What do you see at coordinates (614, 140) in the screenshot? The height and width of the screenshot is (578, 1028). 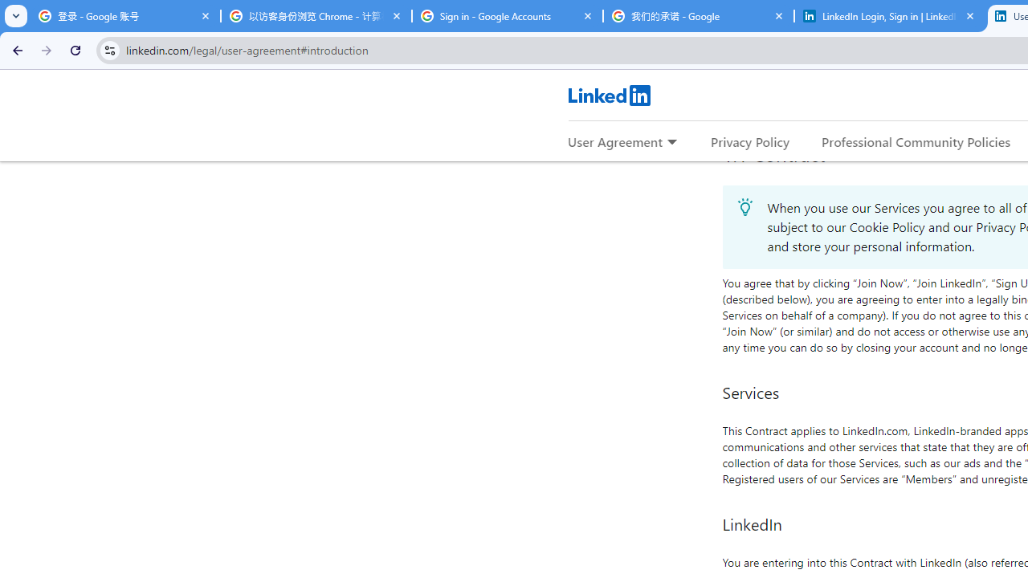 I see `'User Agreement'` at bounding box center [614, 140].